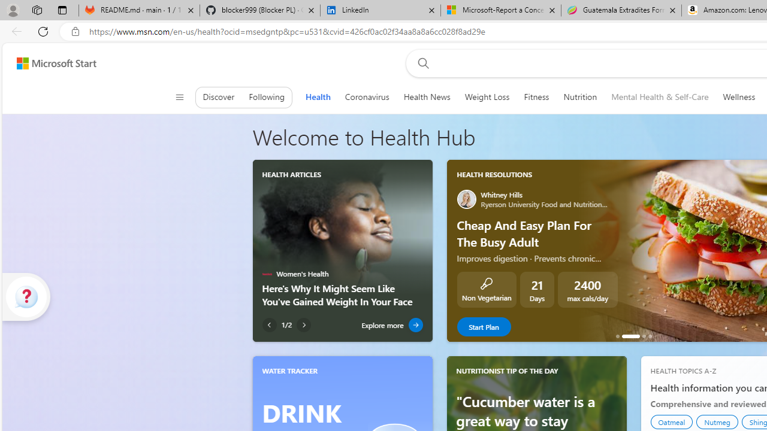 The image size is (767, 431). Describe the element at coordinates (536, 96) in the screenshot. I see `'Fitness'` at that location.